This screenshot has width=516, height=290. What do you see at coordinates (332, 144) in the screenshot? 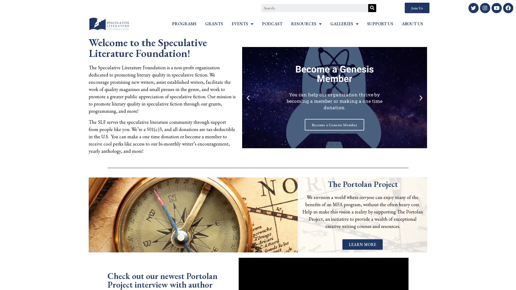
I see `Go to slide 3` at bounding box center [332, 144].